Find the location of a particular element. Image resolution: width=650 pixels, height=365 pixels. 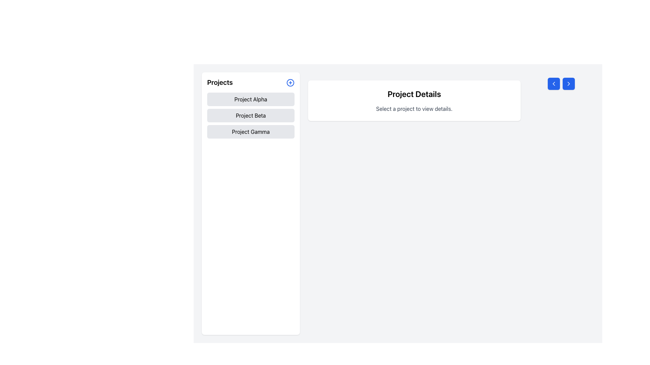

the 'Project Gamma' button, which is a rectangular button with rounded corners and a light gray background, located in the 'Projects' section beneath 'Project Beta' is located at coordinates (250, 131).